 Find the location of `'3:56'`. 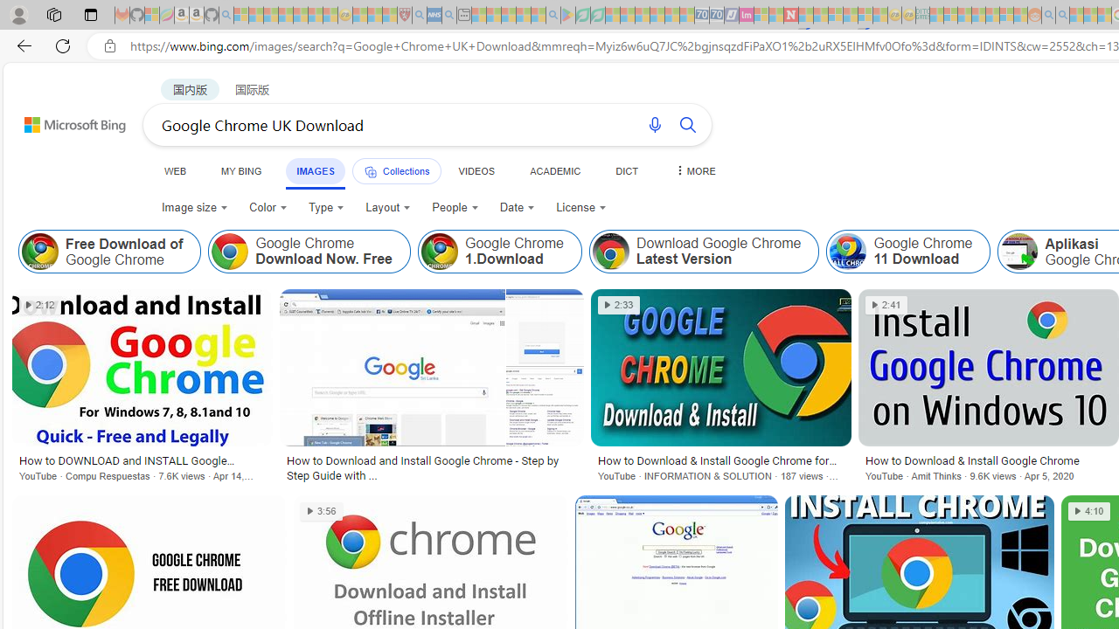

'3:56' is located at coordinates (322, 511).